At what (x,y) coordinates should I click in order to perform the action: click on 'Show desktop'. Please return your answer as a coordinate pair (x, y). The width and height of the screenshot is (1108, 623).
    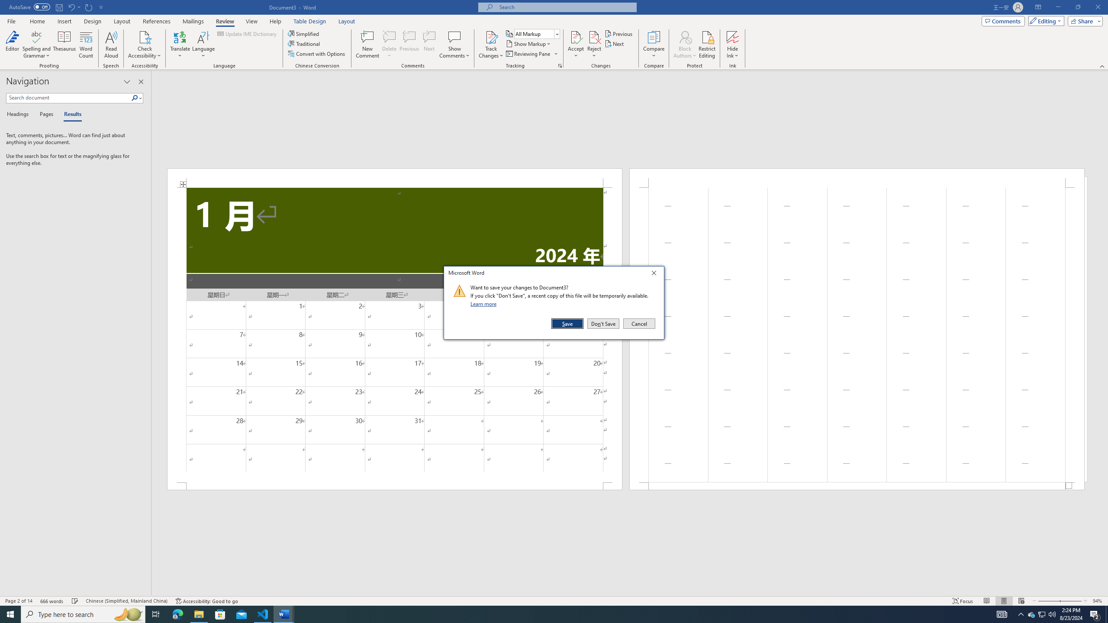
    Looking at the image, I should click on (1106, 613).